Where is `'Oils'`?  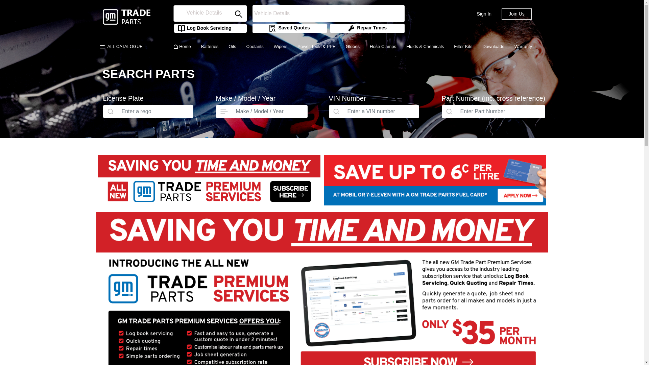
'Oils' is located at coordinates (232, 46).